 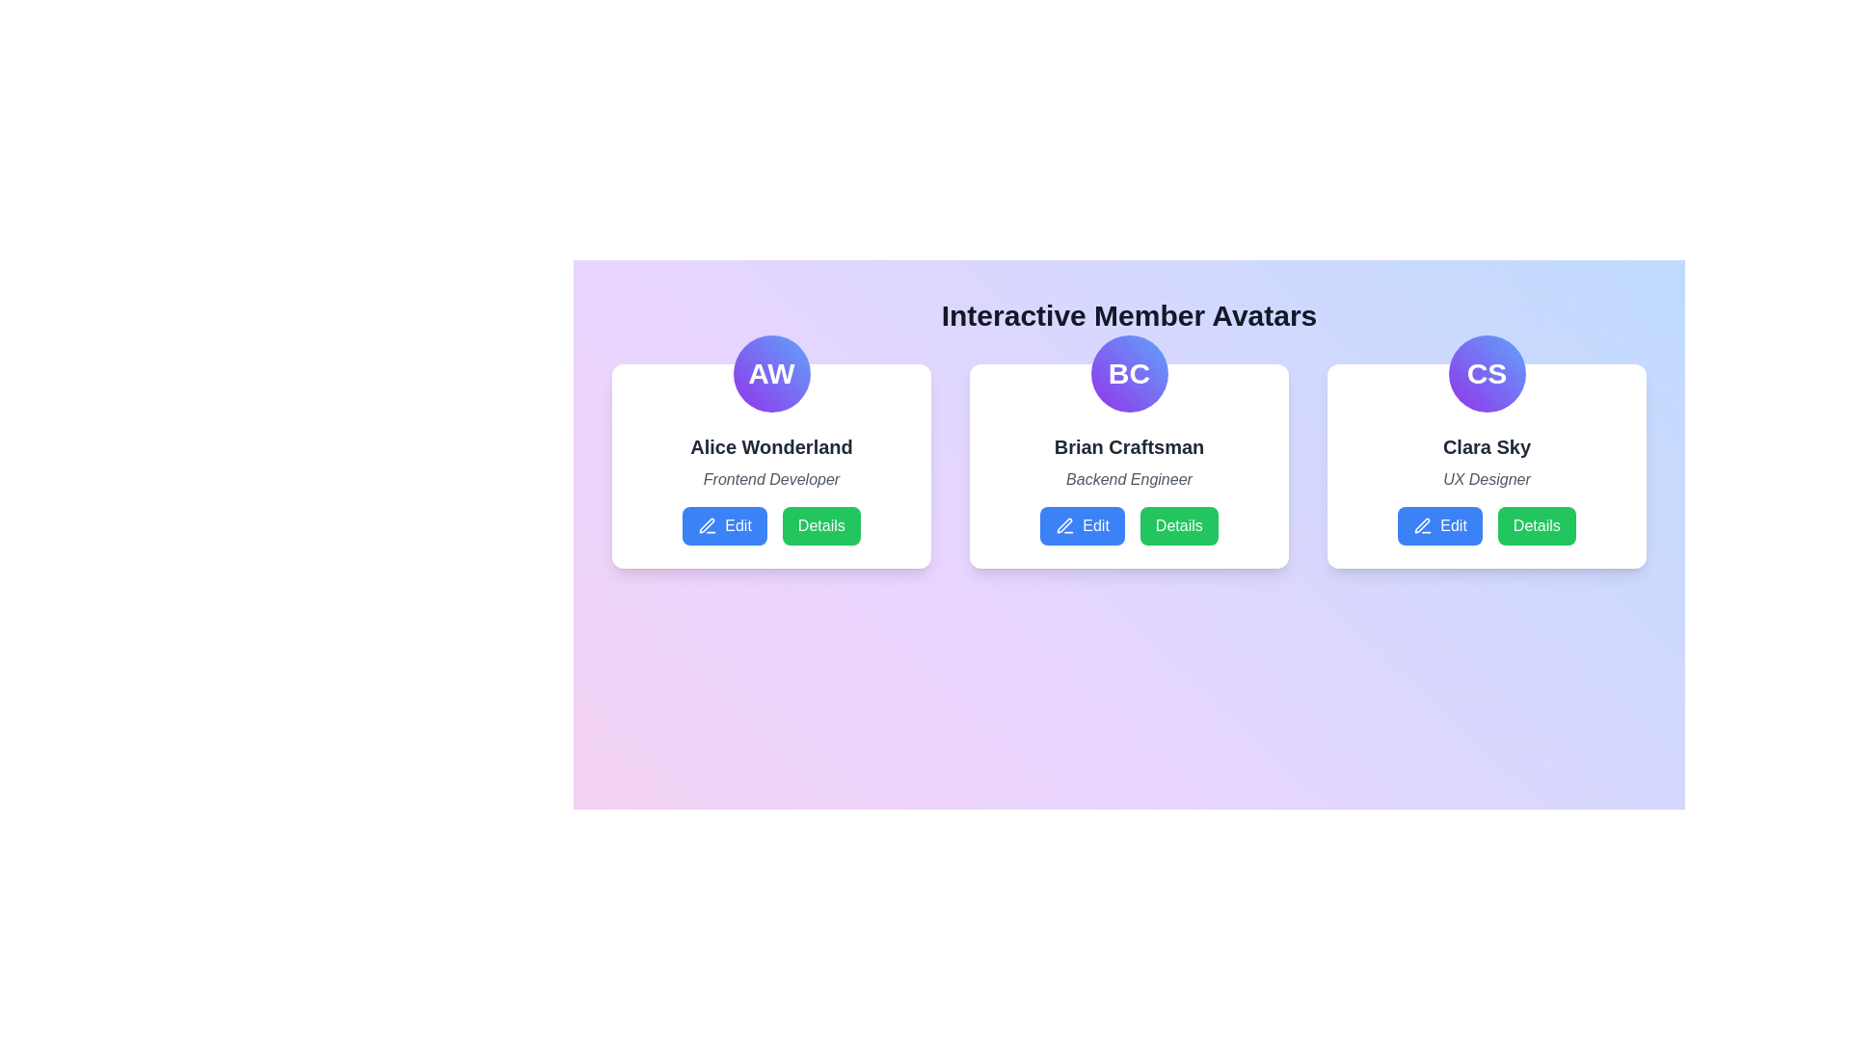 I want to click on the circular avatar badge with a gradient background transitioning from purple to blue, containing the text 'BC' in white, located at the top-center of Brian Craftsman's card, so click(x=1129, y=374).